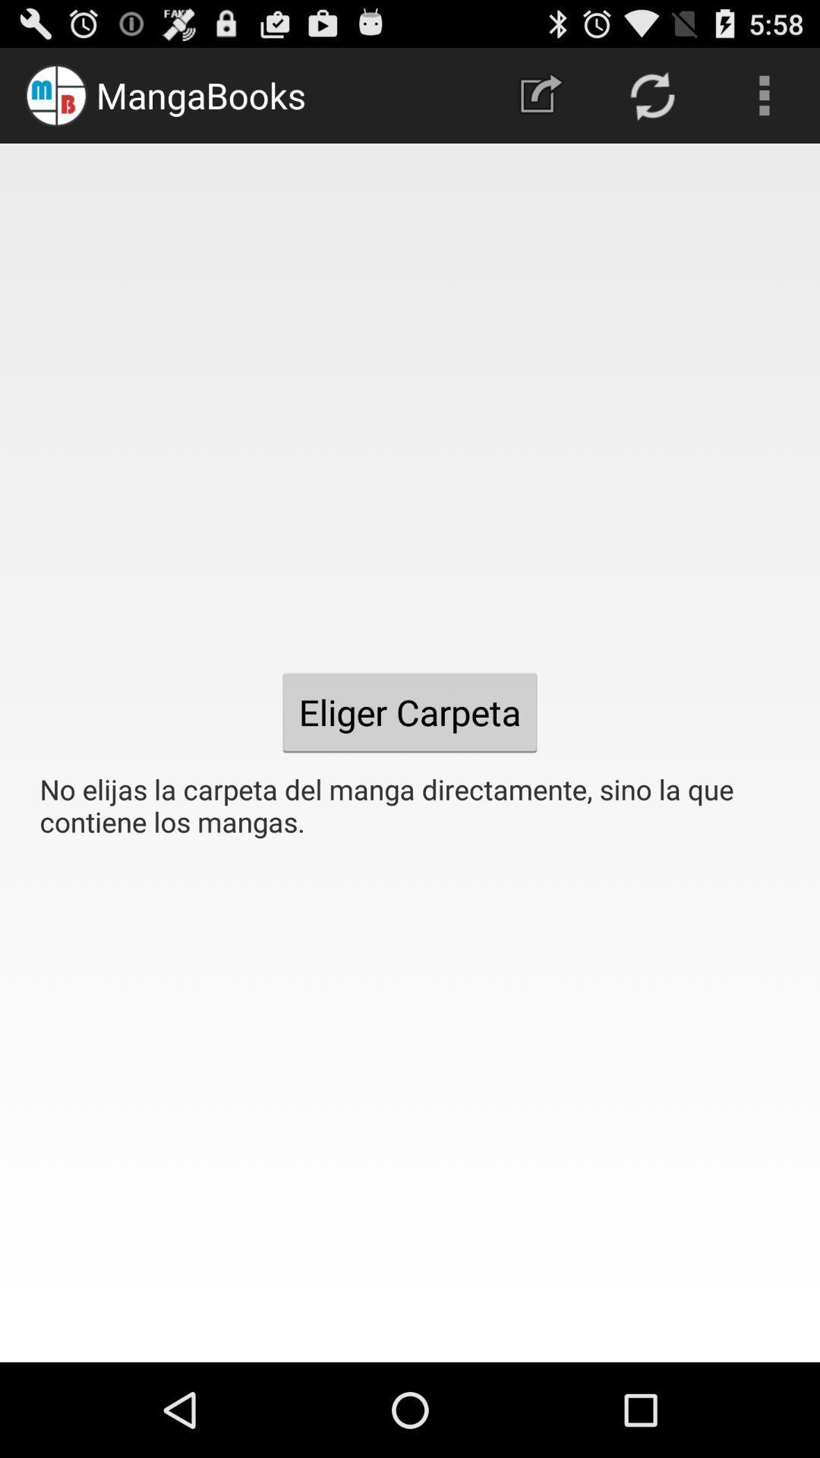  Describe the element at coordinates (651, 94) in the screenshot. I see `the item above the no elijas la icon` at that location.